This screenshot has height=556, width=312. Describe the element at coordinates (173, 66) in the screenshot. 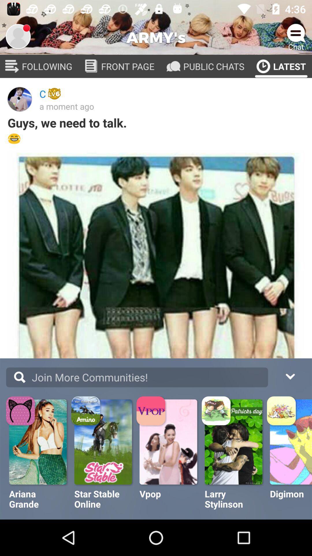

I see `the chat icon which is left to the public chats` at that location.